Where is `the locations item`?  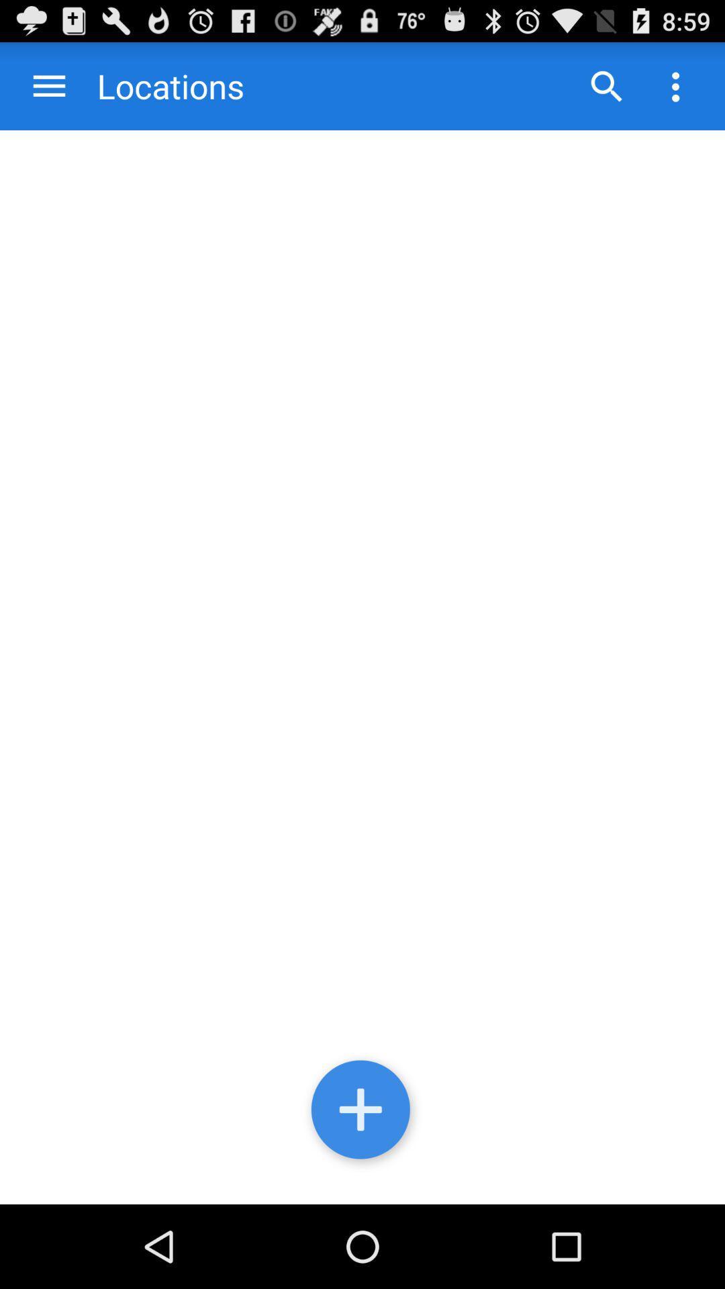
the locations item is located at coordinates (156, 85).